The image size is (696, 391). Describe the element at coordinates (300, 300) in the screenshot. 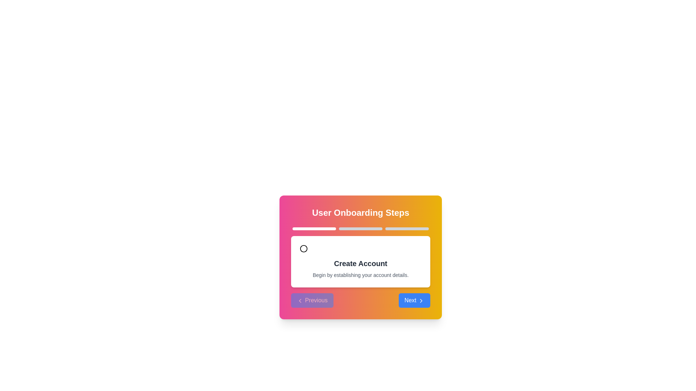

I see `the design and location of the back icon, which is a visual indicator for navigating to a previous step, located to the left within the 'Previous' button at the bottom left corner of the UI` at that location.